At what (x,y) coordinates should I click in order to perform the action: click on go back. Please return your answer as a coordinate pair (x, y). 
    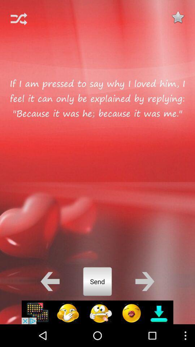
    Looking at the image, I should click on (49, 281).